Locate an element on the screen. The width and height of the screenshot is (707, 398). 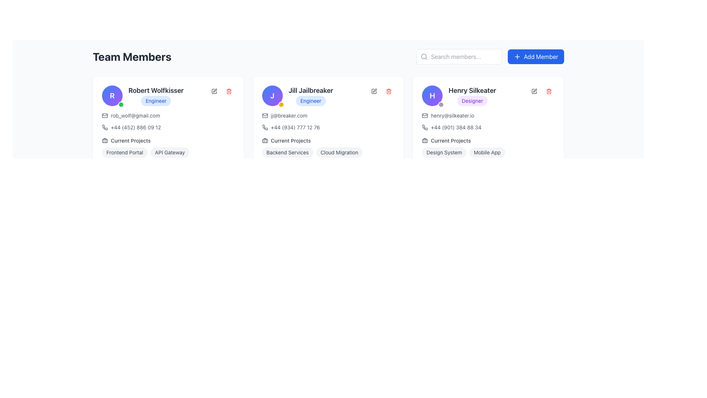
the email icon located to the left of the email address 'rob_wolf@gmail.com' in the user information card of Robert Wolfkisser for visual context is located at coordinates (104, 115).